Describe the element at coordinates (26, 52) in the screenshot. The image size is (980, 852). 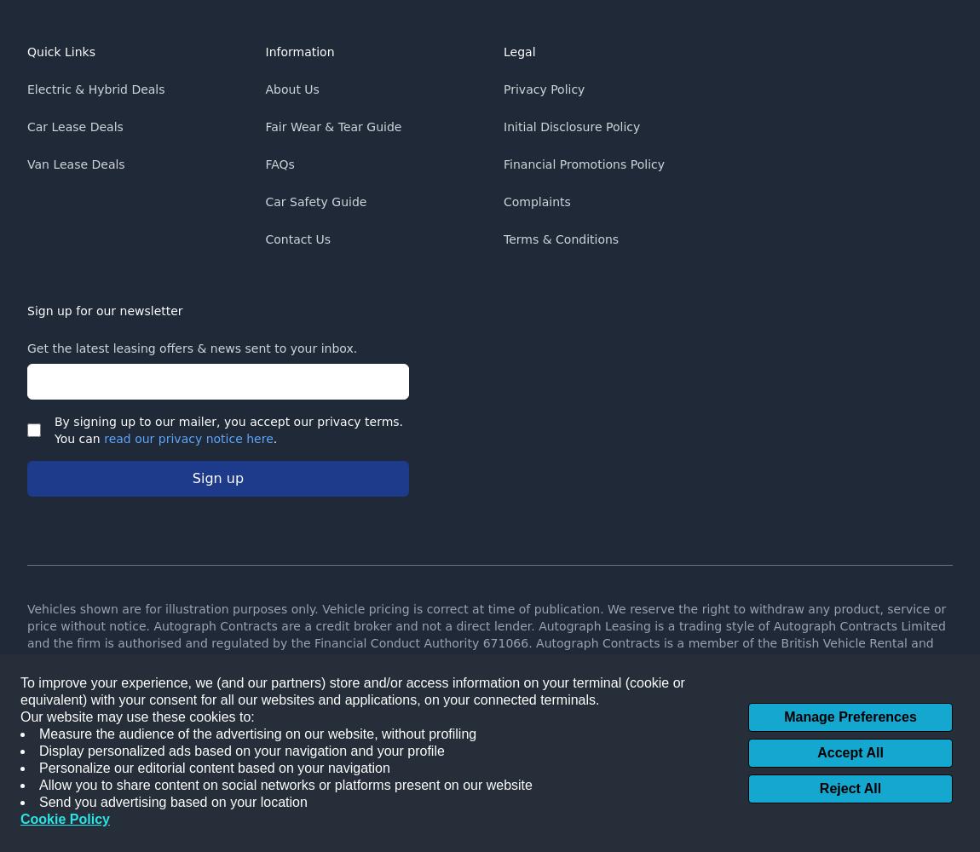
I see `'Quick Links'` at that location.